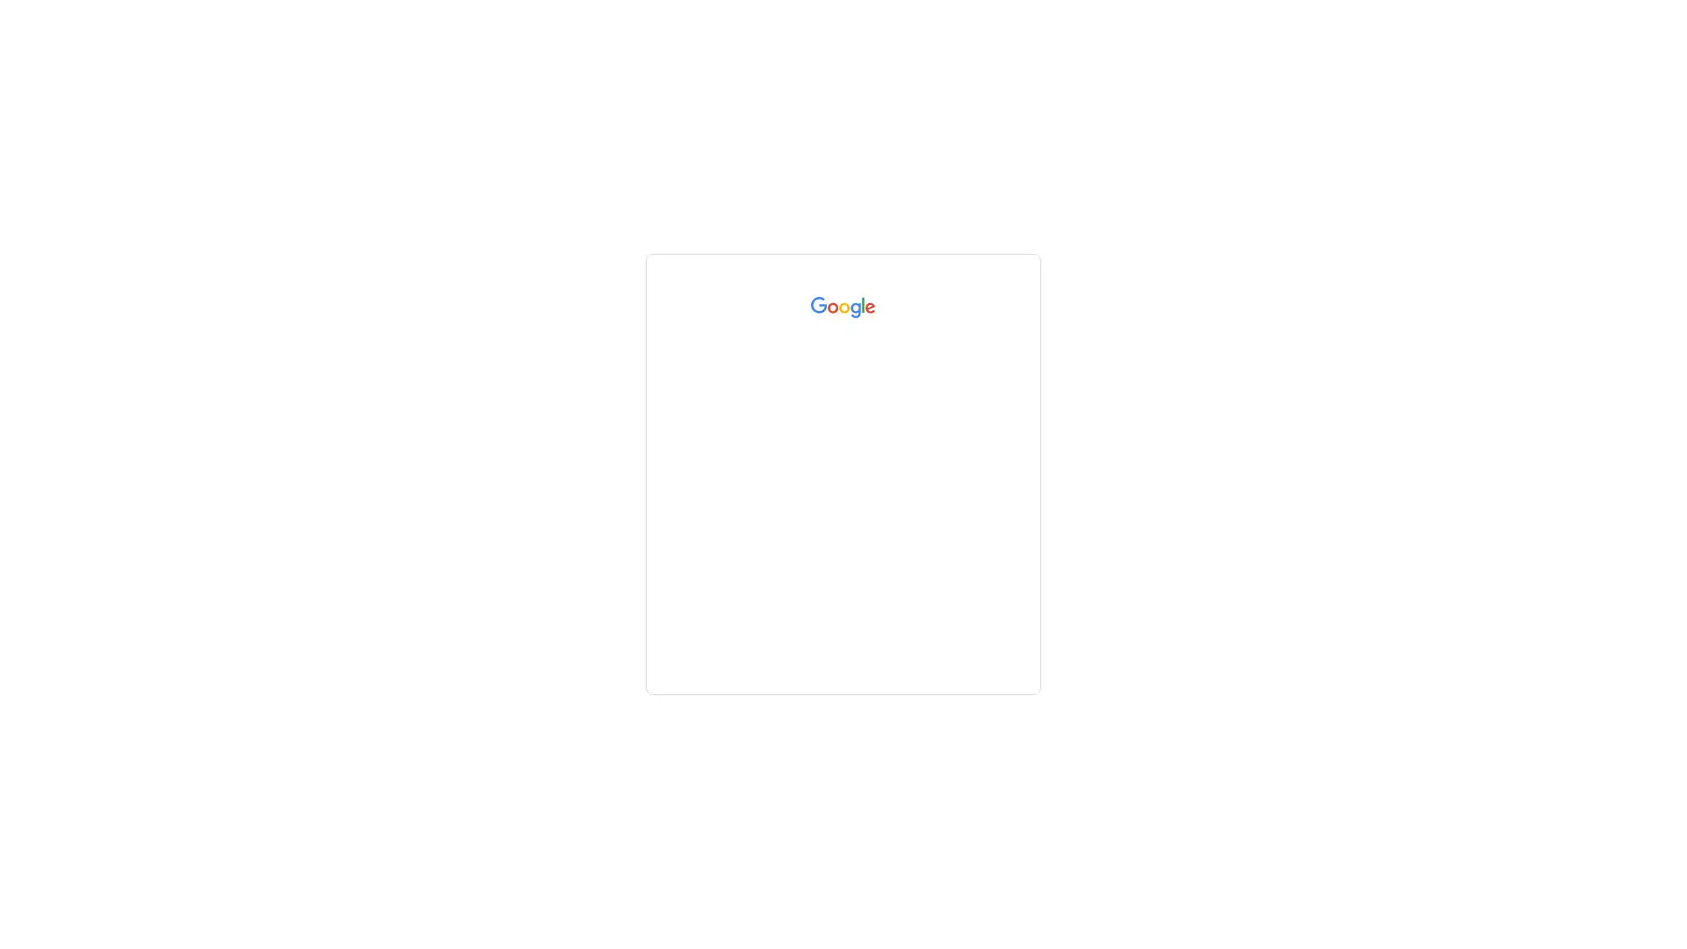 The image size is (1687, 949). Describe the element at coordinates (969, 609) in the screenshot. I see `Next` at that location.